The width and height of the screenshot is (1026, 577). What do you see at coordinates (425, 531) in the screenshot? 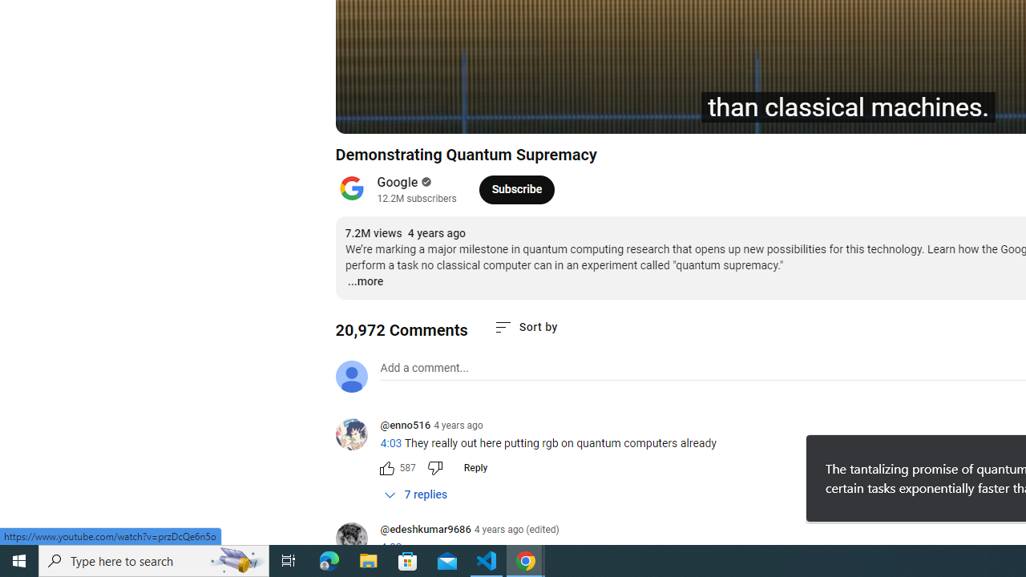
I see `'@edeshkumar9686'` at bounding box center [425, 531].